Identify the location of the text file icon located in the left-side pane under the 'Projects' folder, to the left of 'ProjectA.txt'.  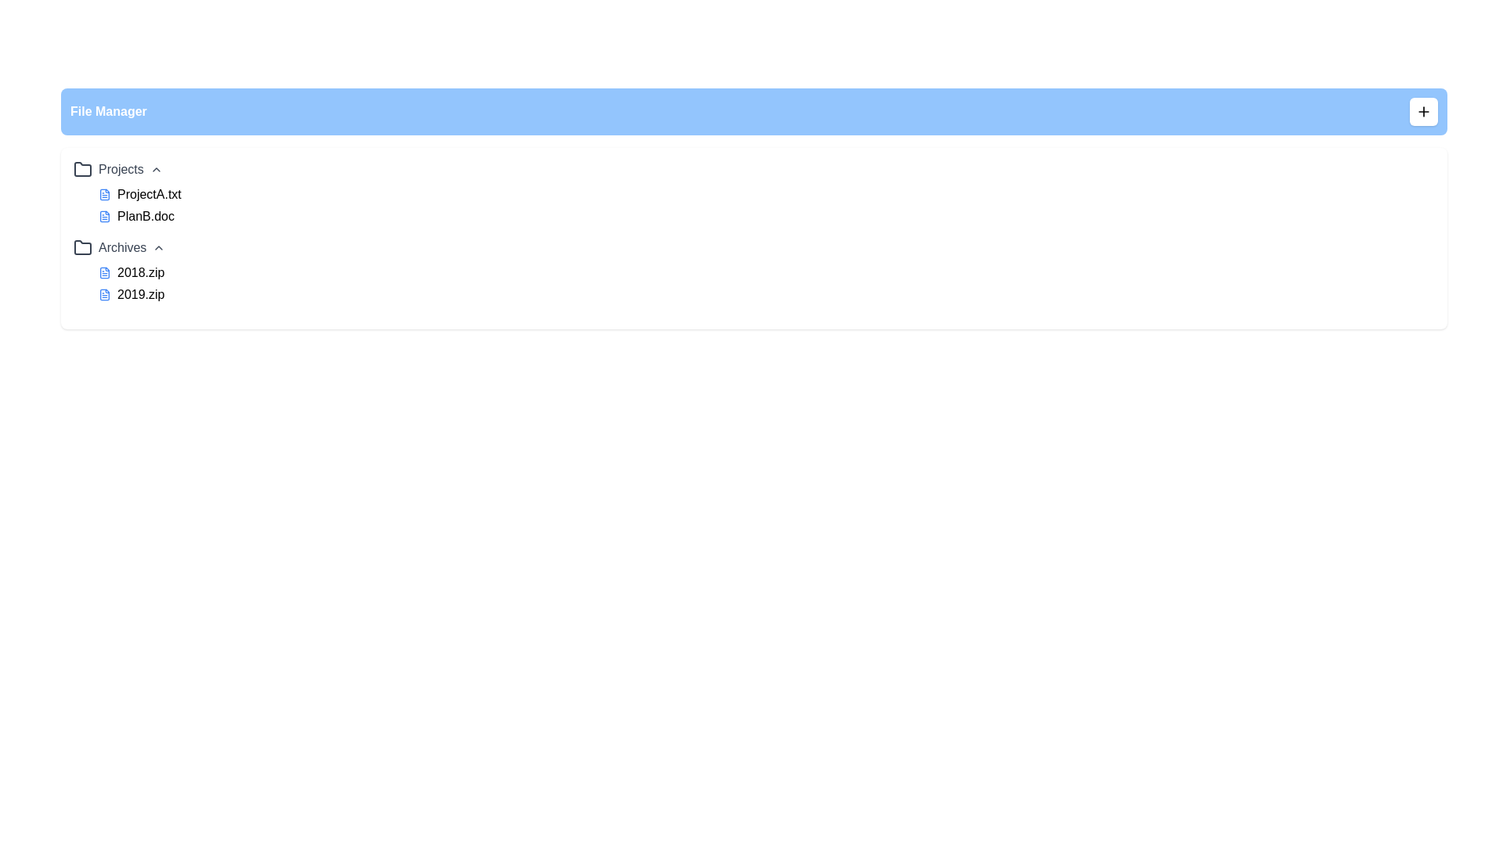
(104, 194).